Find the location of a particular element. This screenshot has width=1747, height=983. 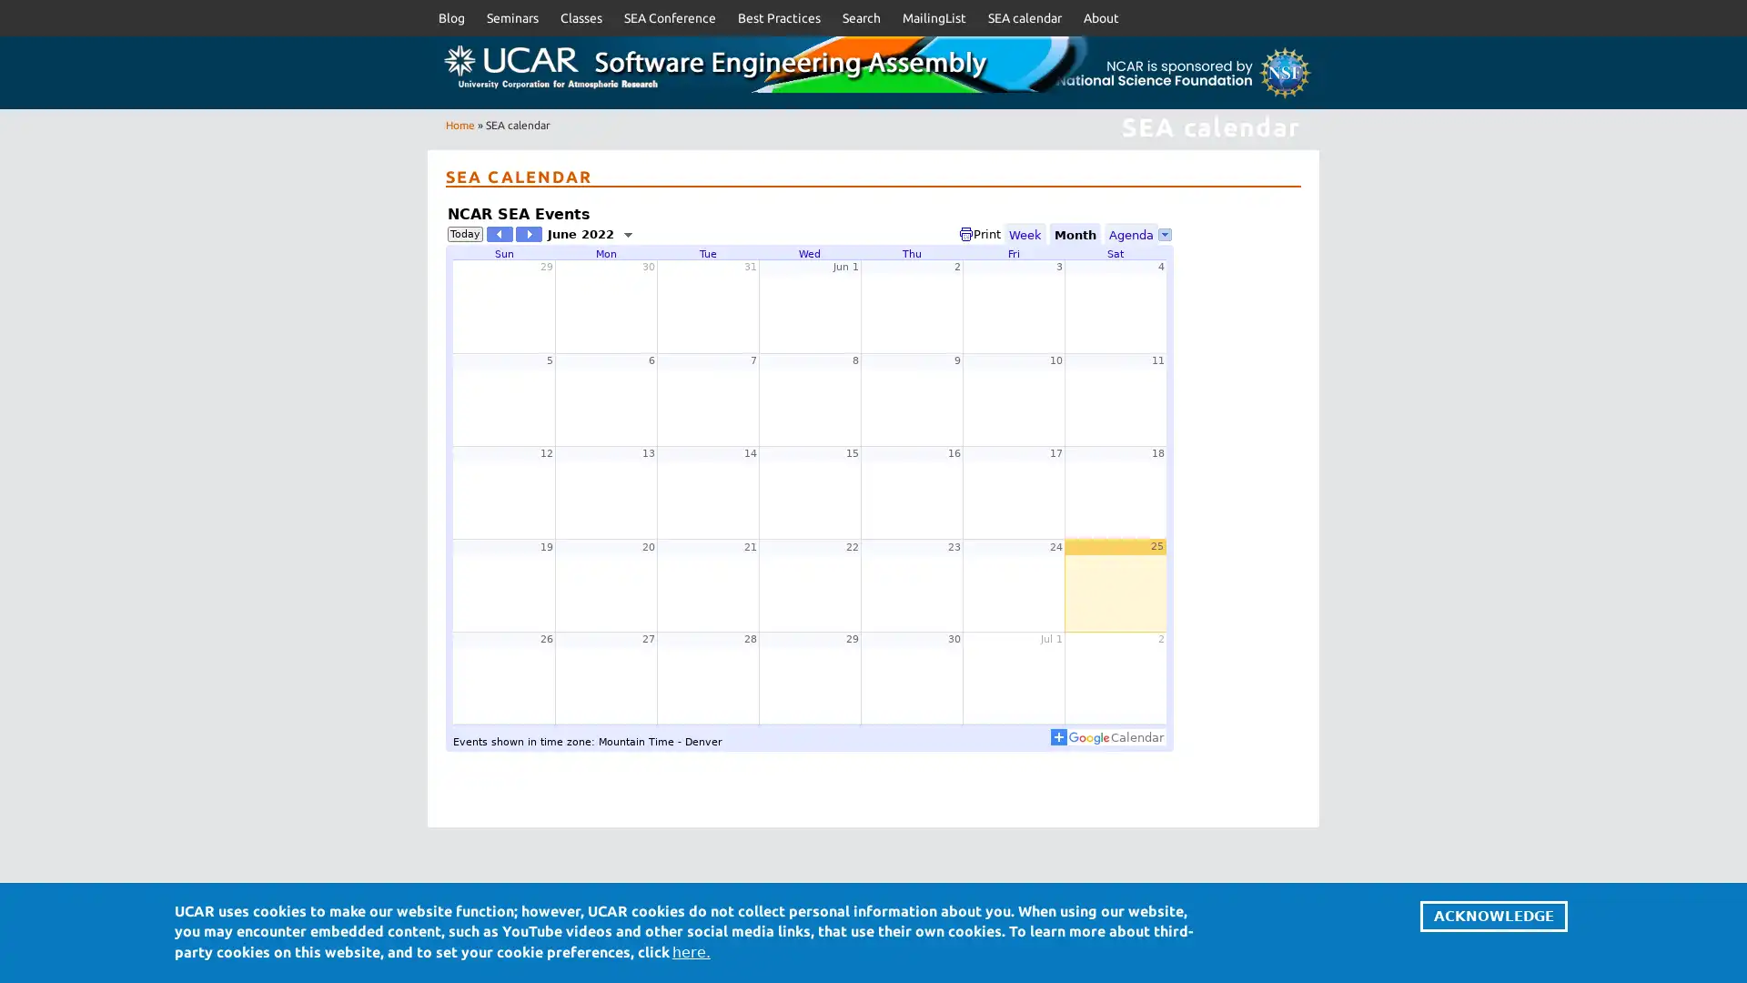

here. is located at coordinates (690, 950).